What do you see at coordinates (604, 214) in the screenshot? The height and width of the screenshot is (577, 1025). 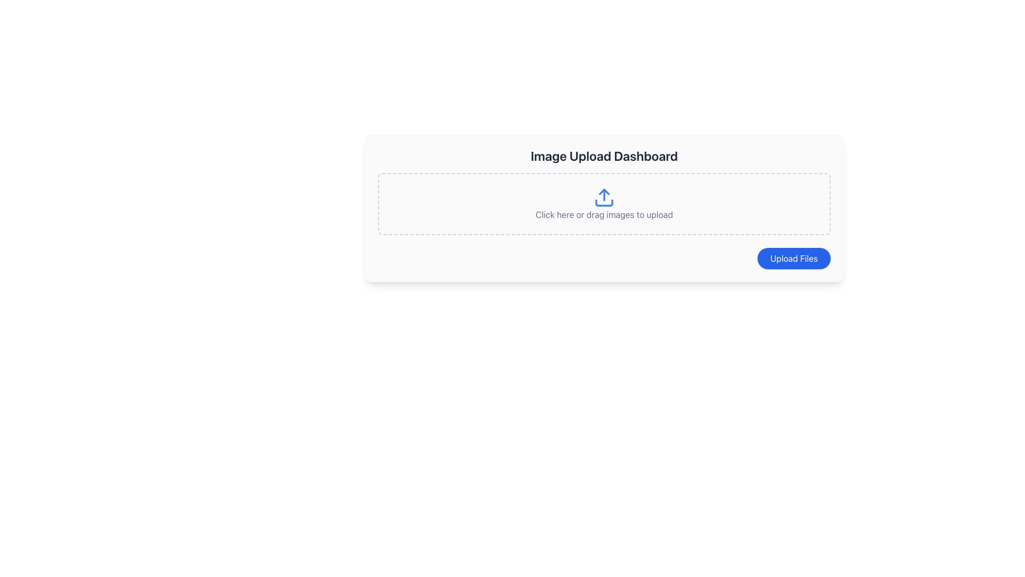 I see `the static text displaying 'Click here or drag images to upload', which is a medium-light gray text located beneath a blue upload icon` at bounding box center [604, 214].